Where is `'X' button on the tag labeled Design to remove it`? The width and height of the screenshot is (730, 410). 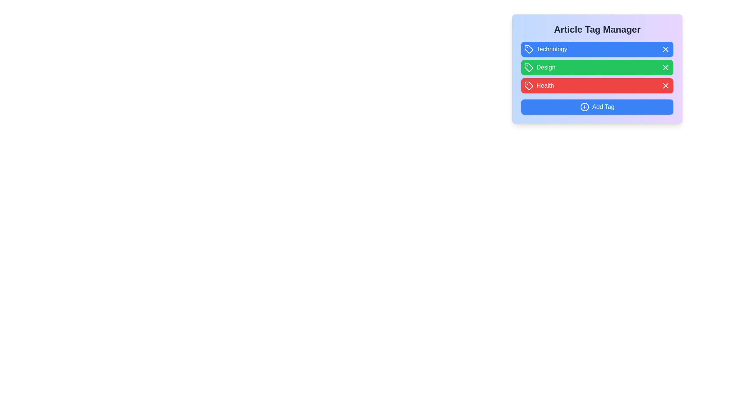
'X' button on the tag labeled Design to remove it is located at coordinates (665, 67).